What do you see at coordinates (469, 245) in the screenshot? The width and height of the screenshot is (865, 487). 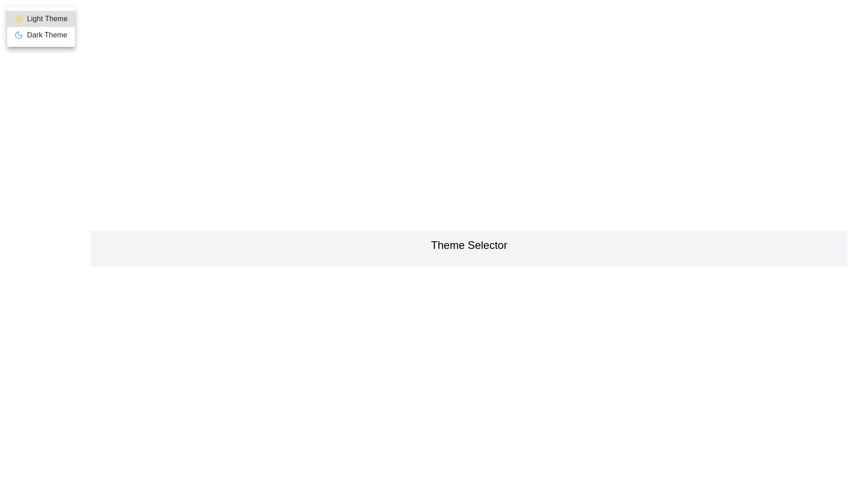 I see `the header text indicating the current context or section of the application related to theme selection` at bounding box center [469, 245].